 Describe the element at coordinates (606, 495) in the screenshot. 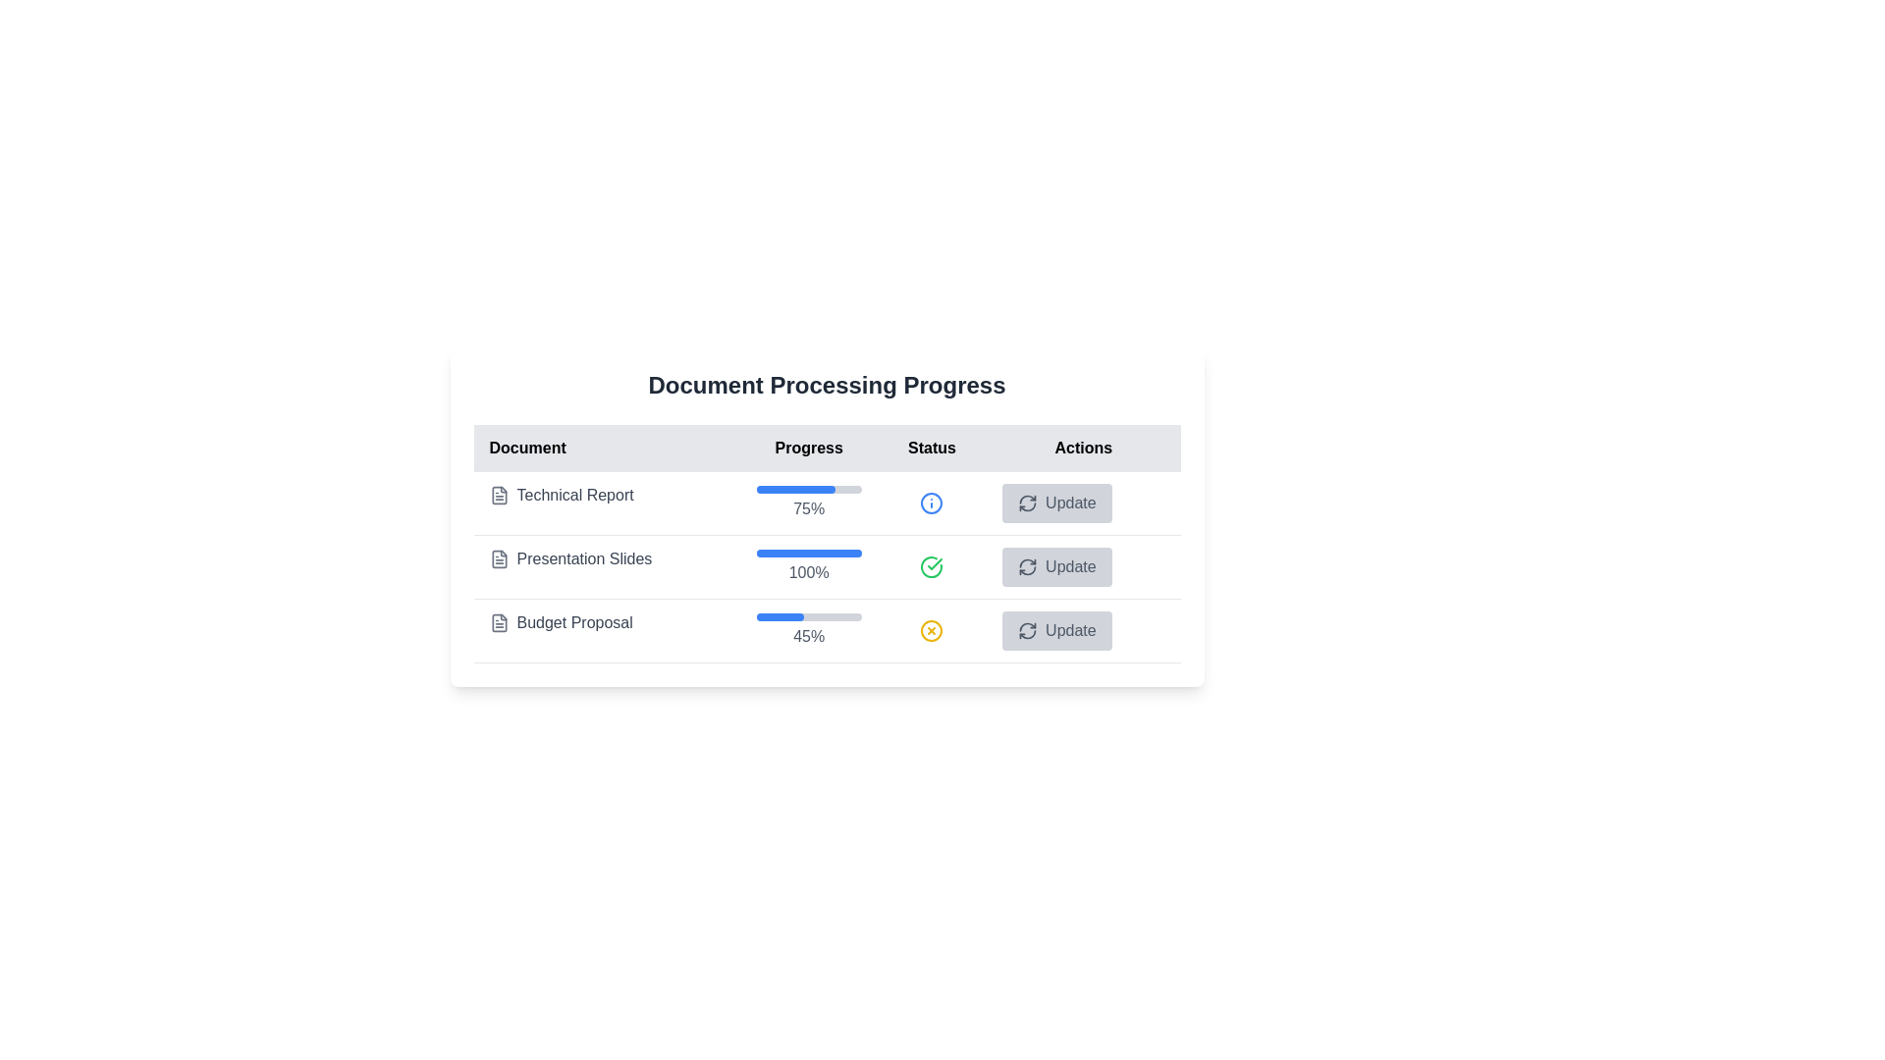

I see `the document title text label, which is the first item in the vertical list under the 'Document' column` at that location.